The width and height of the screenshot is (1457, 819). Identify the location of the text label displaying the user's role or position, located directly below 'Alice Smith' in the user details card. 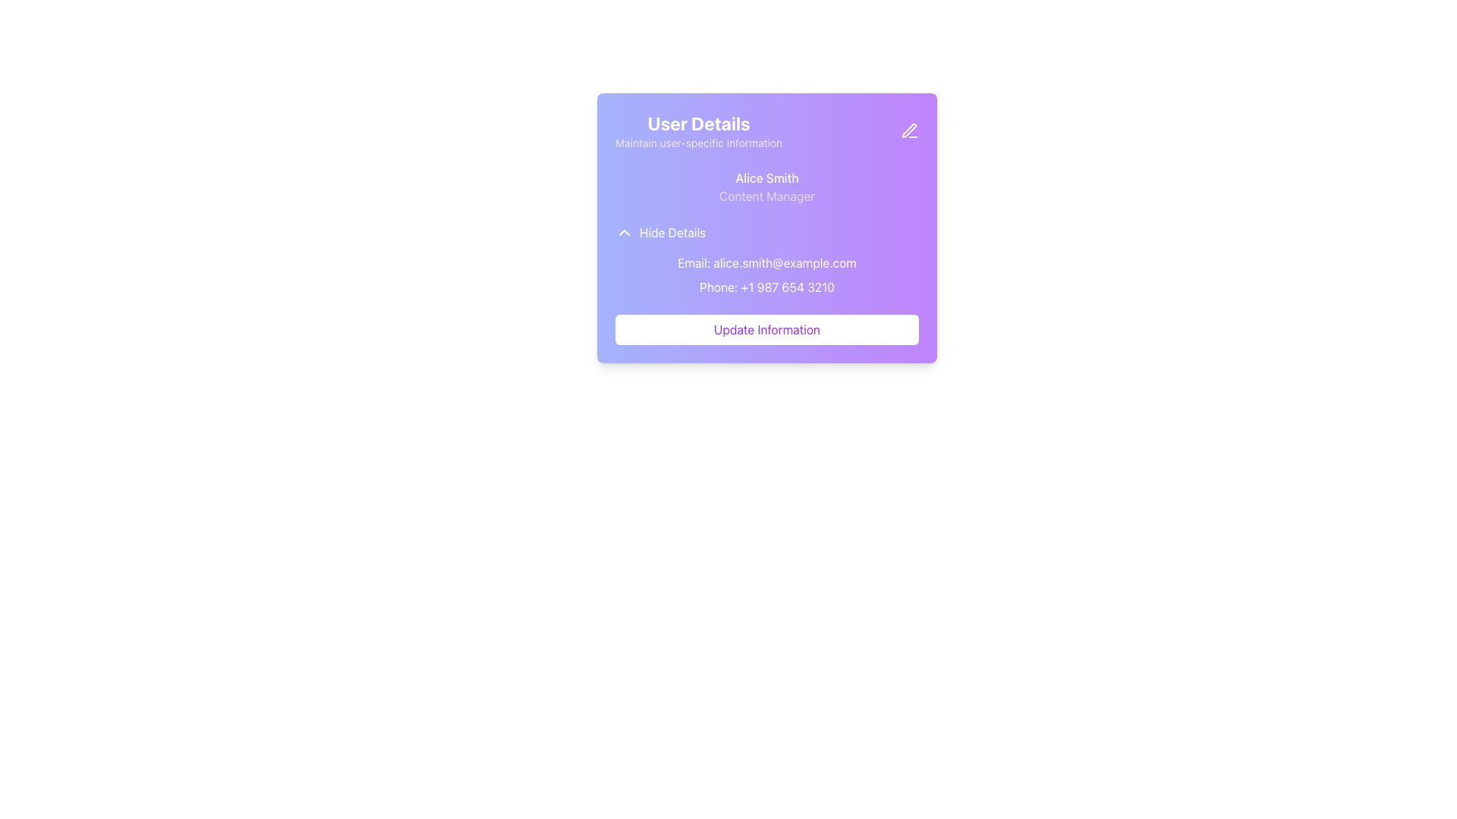
(767, 195).